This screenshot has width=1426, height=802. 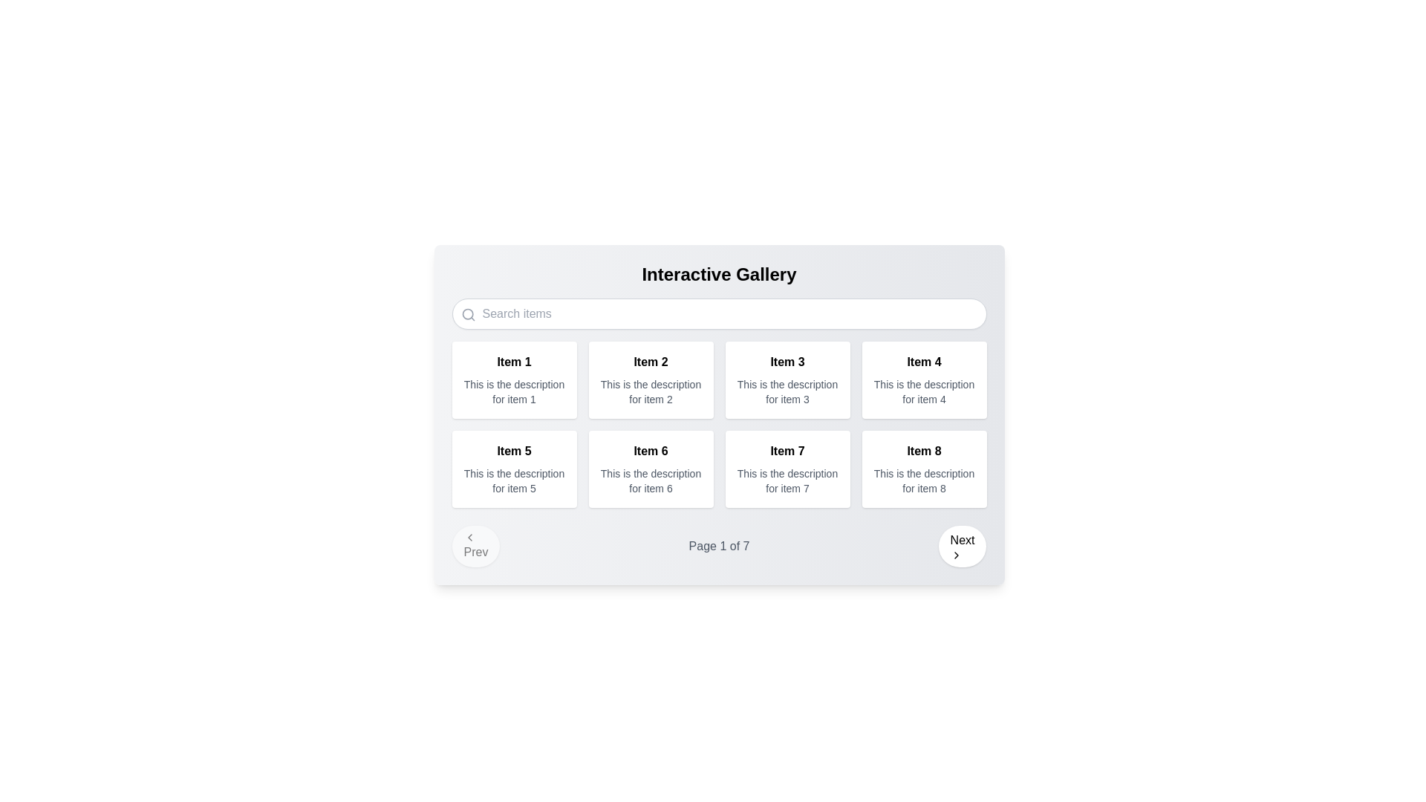 I want to click on the Static Text element that displays the current page number and total pages in the pagination system, located in the center of the navigation bar flanked by 'Prev' and 'Next' buttons, so click(x=719, y=547).